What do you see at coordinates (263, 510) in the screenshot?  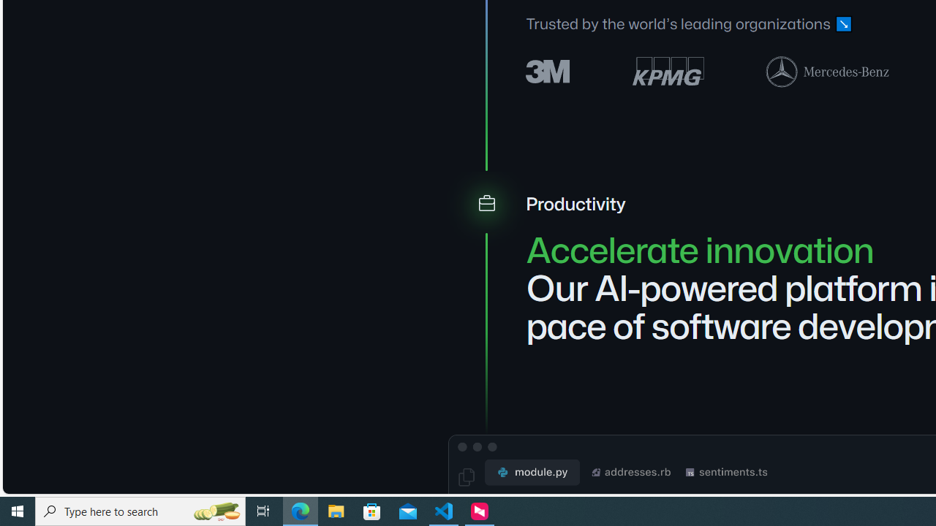 I see `'Task View'` at bounding box center [263, 510].